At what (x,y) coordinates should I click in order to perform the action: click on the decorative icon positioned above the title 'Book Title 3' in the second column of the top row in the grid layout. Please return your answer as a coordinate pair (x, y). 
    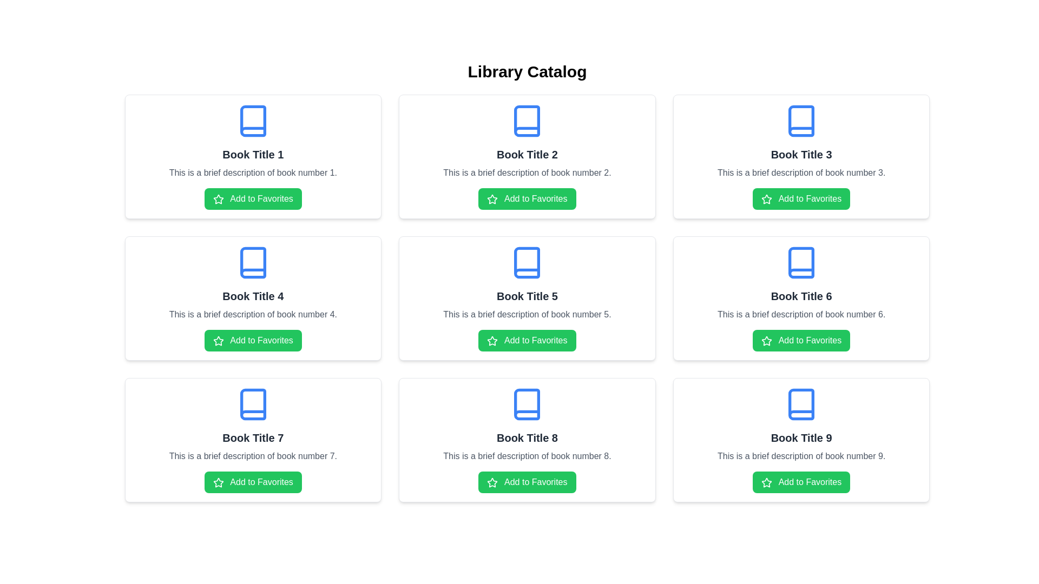
    Looking at the image, I should click on (801, 121).